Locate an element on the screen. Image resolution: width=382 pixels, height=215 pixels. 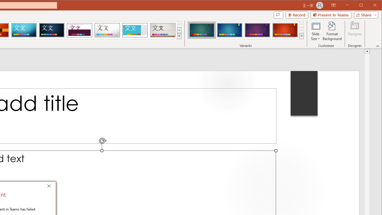
'Dividend' is located at coordinates (79, 30).